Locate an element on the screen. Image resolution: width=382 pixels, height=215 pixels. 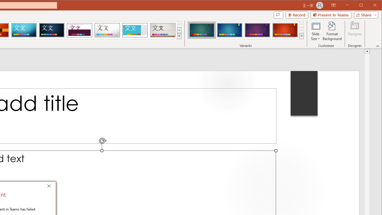
'Dividend' is located at coordinates (79, 30).